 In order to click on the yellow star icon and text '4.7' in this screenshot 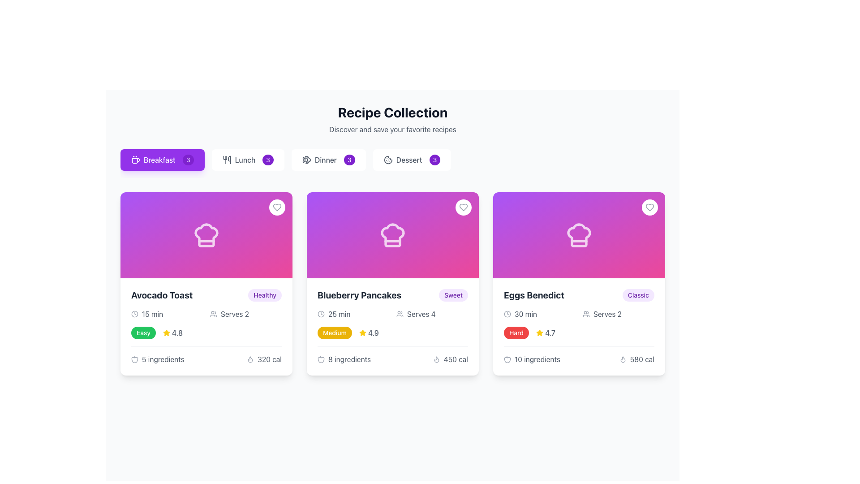, I will do `click(545, 333)`.